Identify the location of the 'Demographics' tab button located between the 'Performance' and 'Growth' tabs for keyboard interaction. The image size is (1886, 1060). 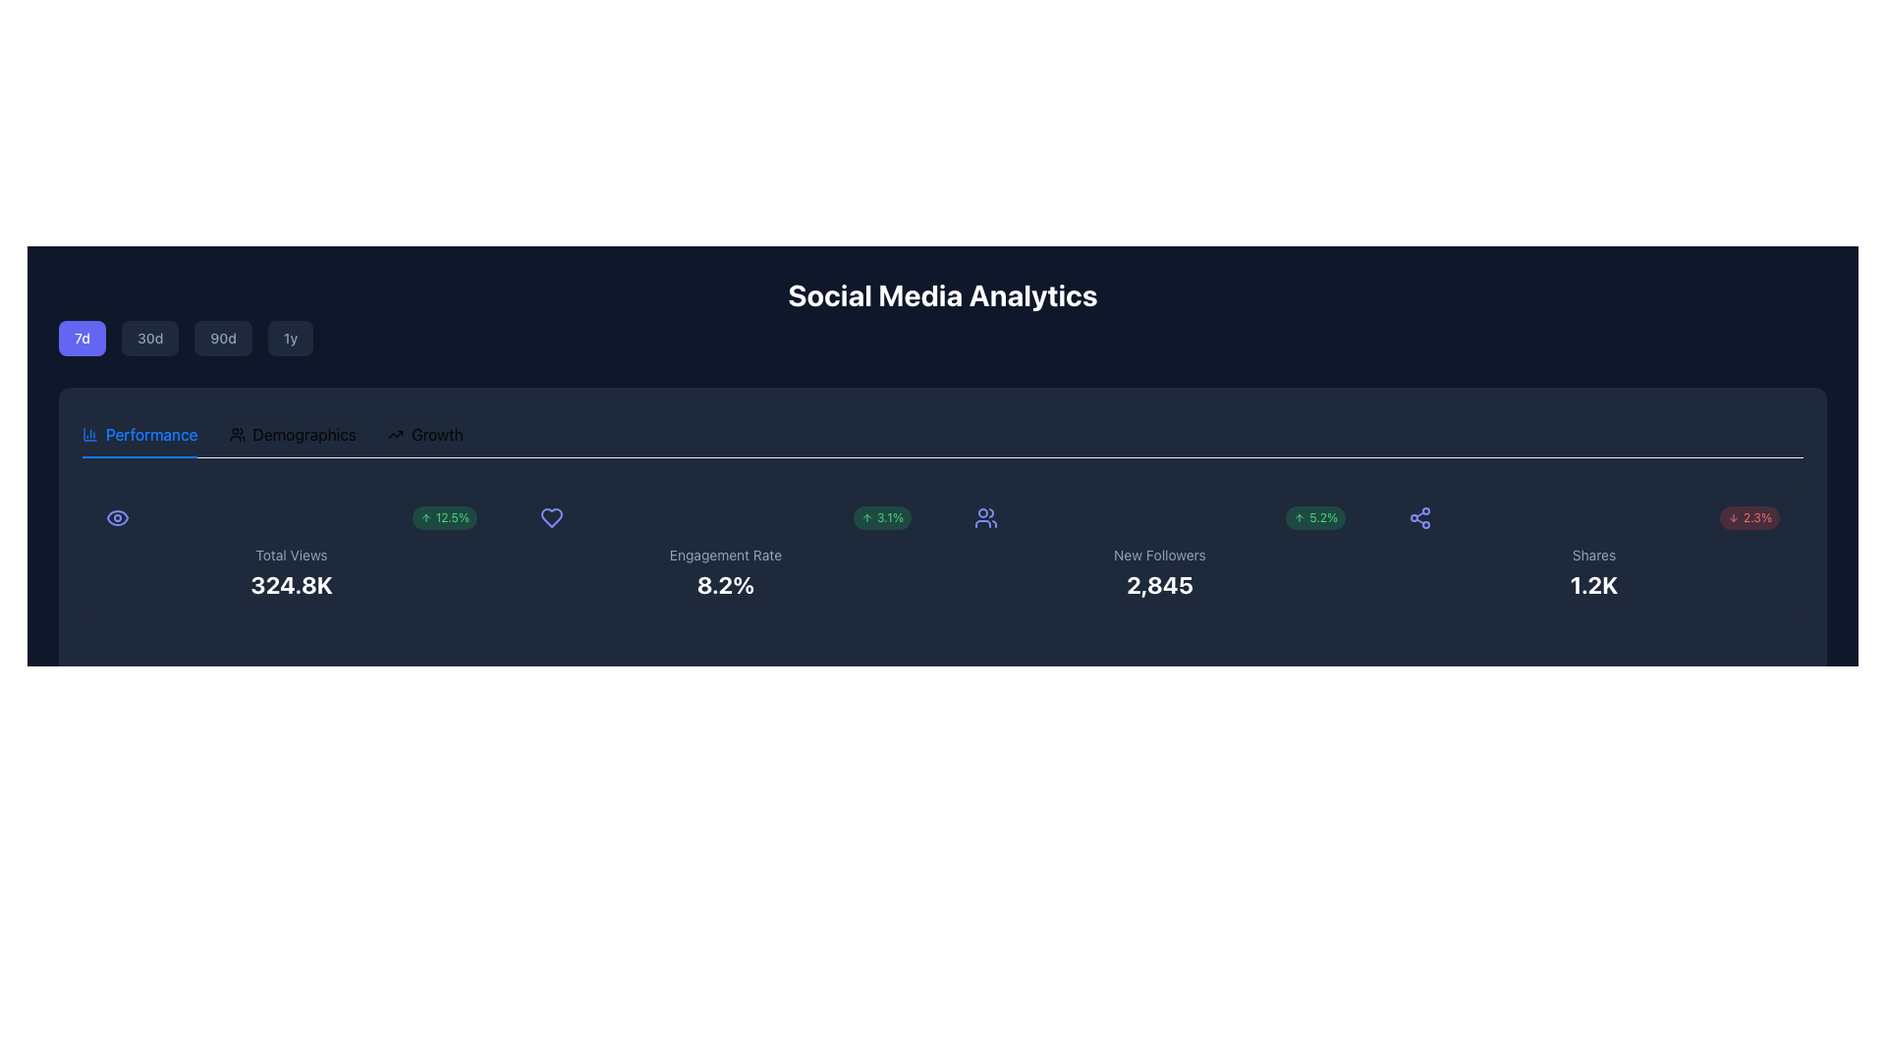
(292, 434).